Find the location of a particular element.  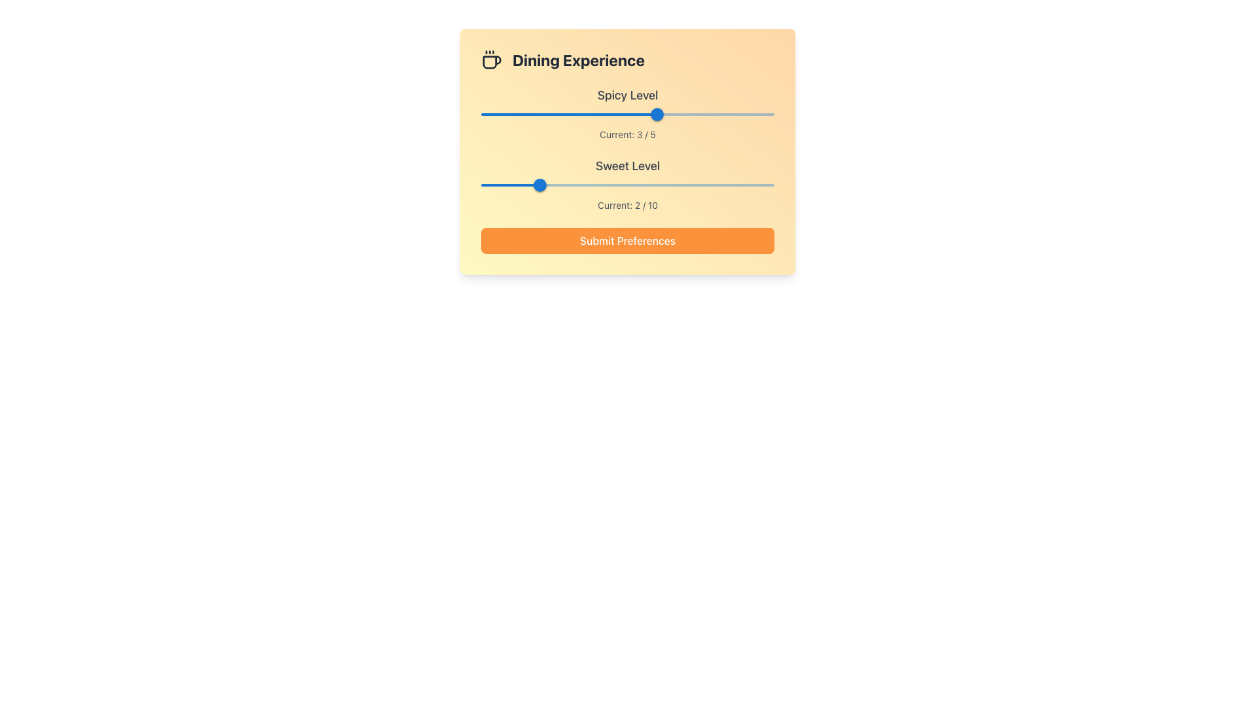

slider is located at coordinates (545, 185).